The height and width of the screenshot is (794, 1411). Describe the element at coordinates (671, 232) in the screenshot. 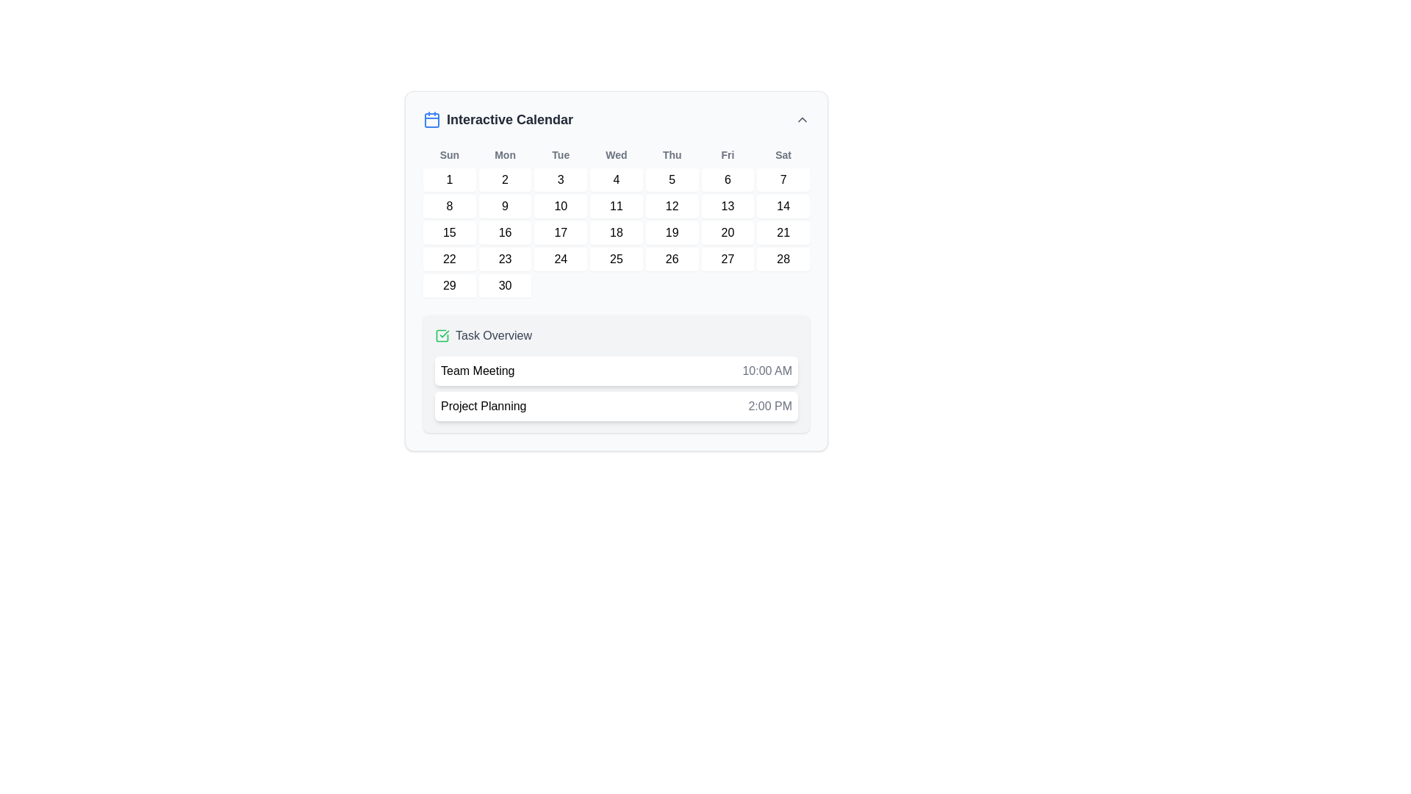

I see `the Button-like clickable calendar date box representing the 19th of the month` at that location.